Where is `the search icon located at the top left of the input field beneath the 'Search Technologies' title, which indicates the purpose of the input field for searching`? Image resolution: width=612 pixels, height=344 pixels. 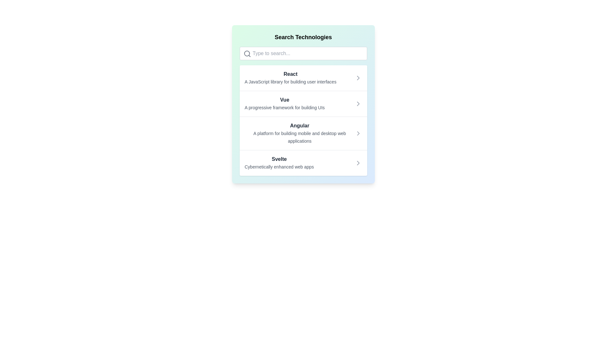
the search icon located at the top left of the input field beneath the 'Search Technologies' title, which indicates the purpose of the input field for searching is located at coordinates (247, 54).